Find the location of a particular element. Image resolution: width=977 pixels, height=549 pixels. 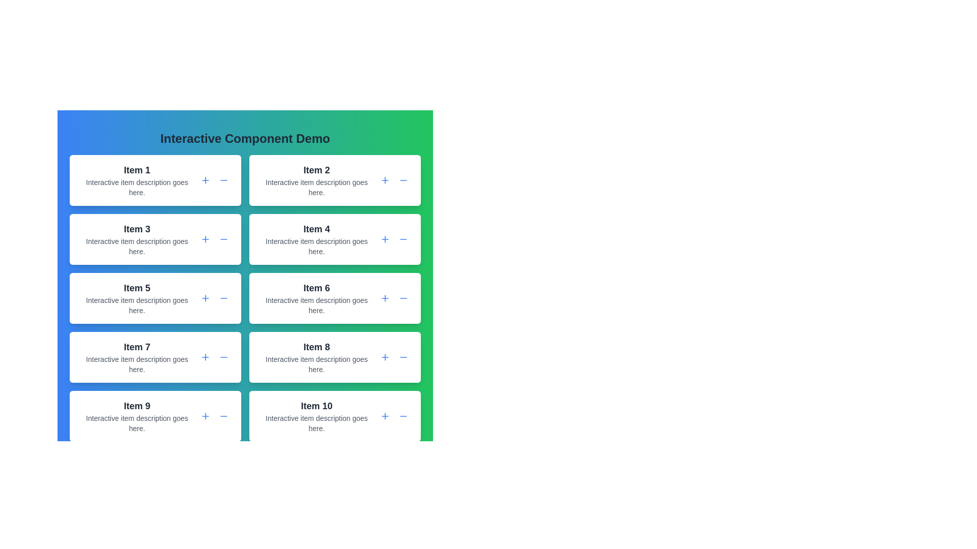

the interactive button represented as an SVG icon that is located beside the '-' icon for 'Item 8' is located at coordinates (385, 356).